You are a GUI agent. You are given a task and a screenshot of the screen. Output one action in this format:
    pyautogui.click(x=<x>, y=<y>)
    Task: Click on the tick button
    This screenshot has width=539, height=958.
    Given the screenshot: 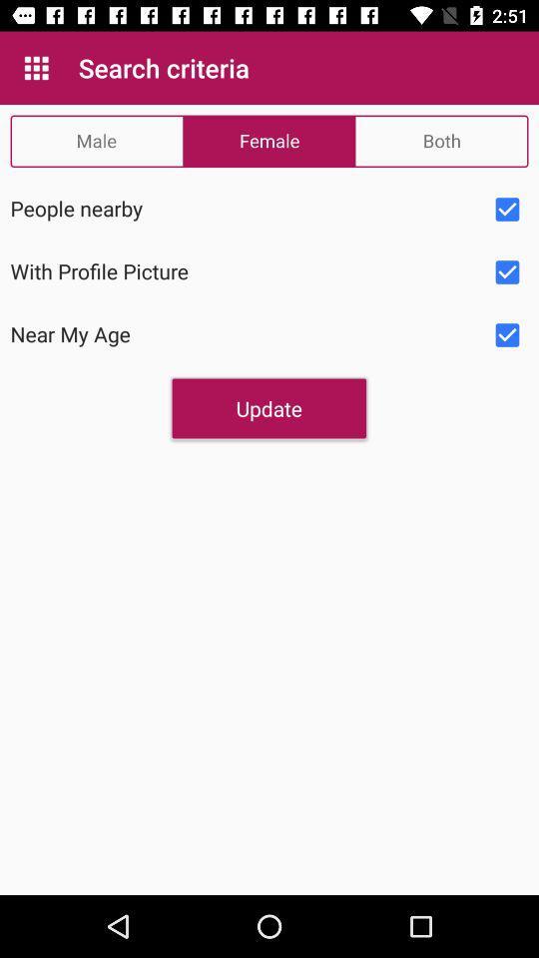 What is the action you would take?
    pyautogui.click(x=507, y=210)
    